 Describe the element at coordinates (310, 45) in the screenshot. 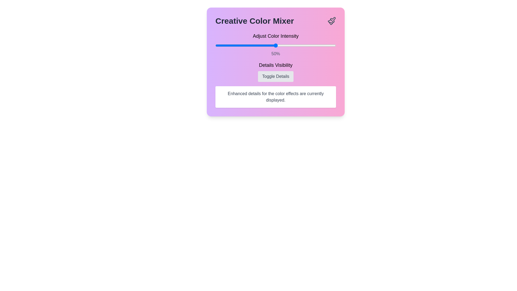

I see `the color intensity` at that location.